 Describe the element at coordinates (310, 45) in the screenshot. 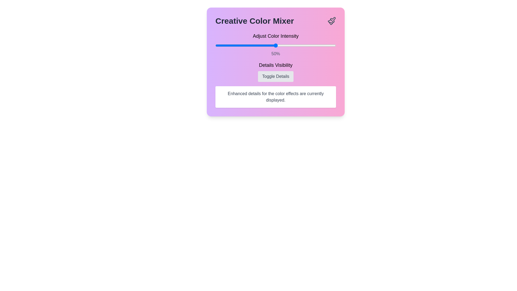

I see `the color intensity` at that location.